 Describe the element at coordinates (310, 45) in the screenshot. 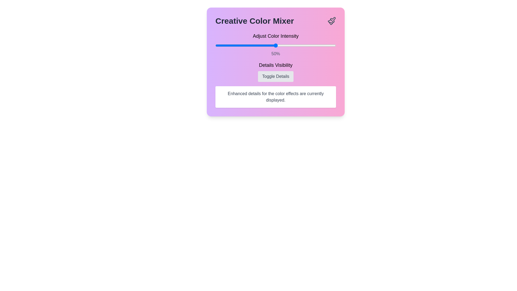

I see `the color intensity` at that location.